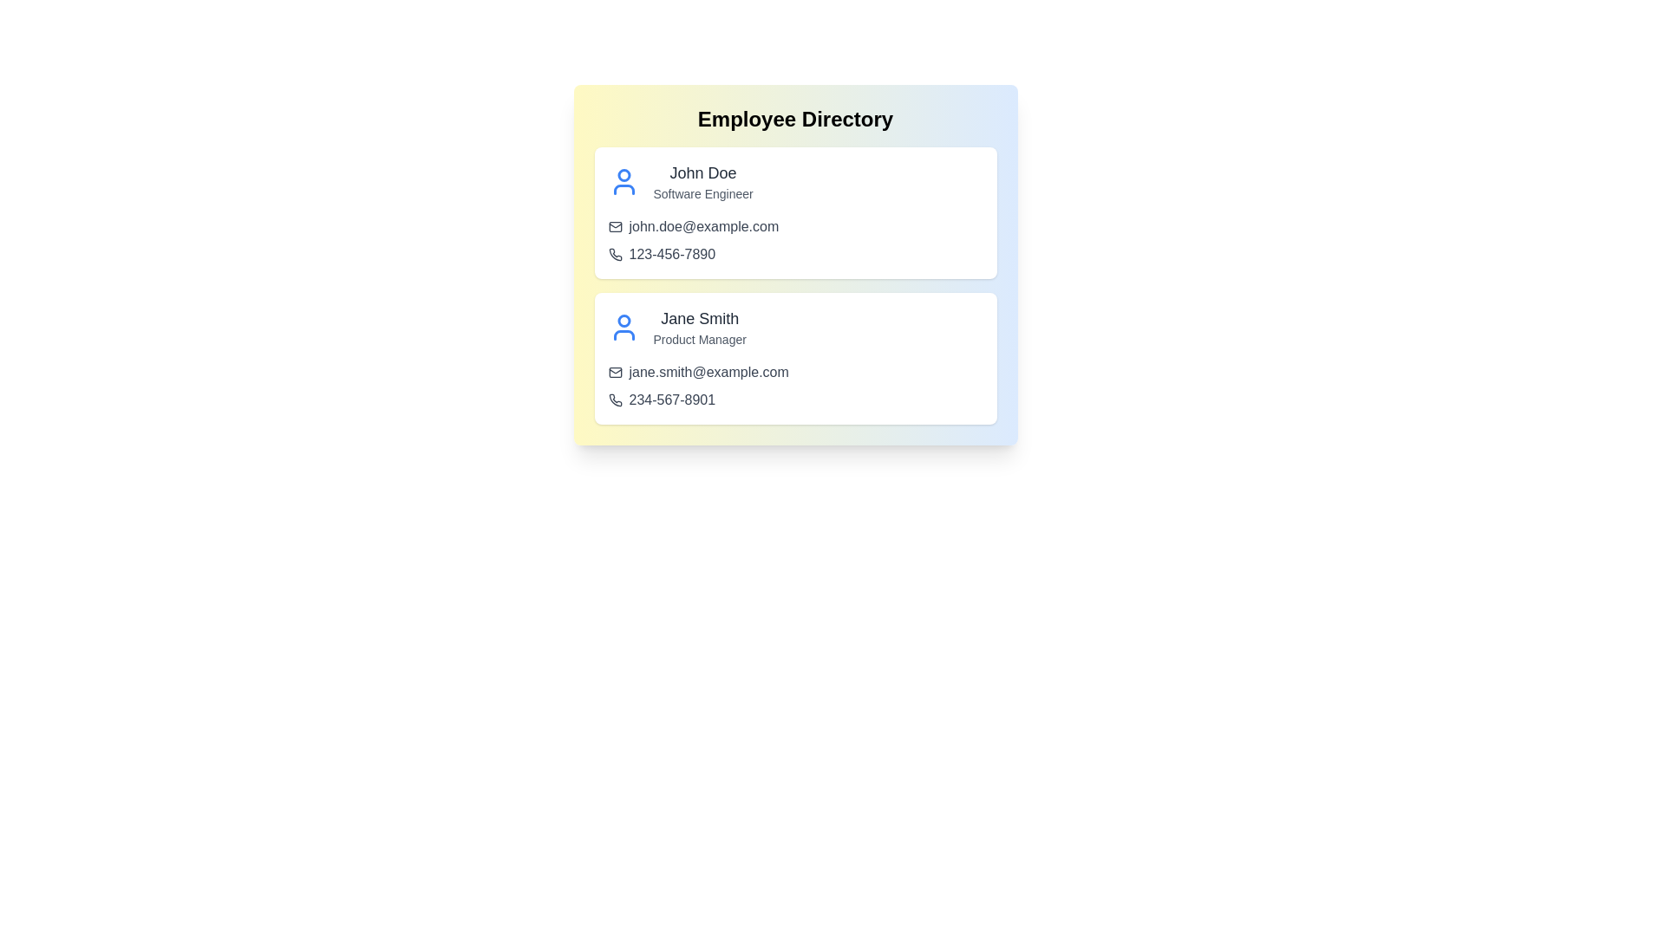  Describe the element at coordinates (794, 371) in the screenshot. I see `the email link for Jane Smith` at that location.